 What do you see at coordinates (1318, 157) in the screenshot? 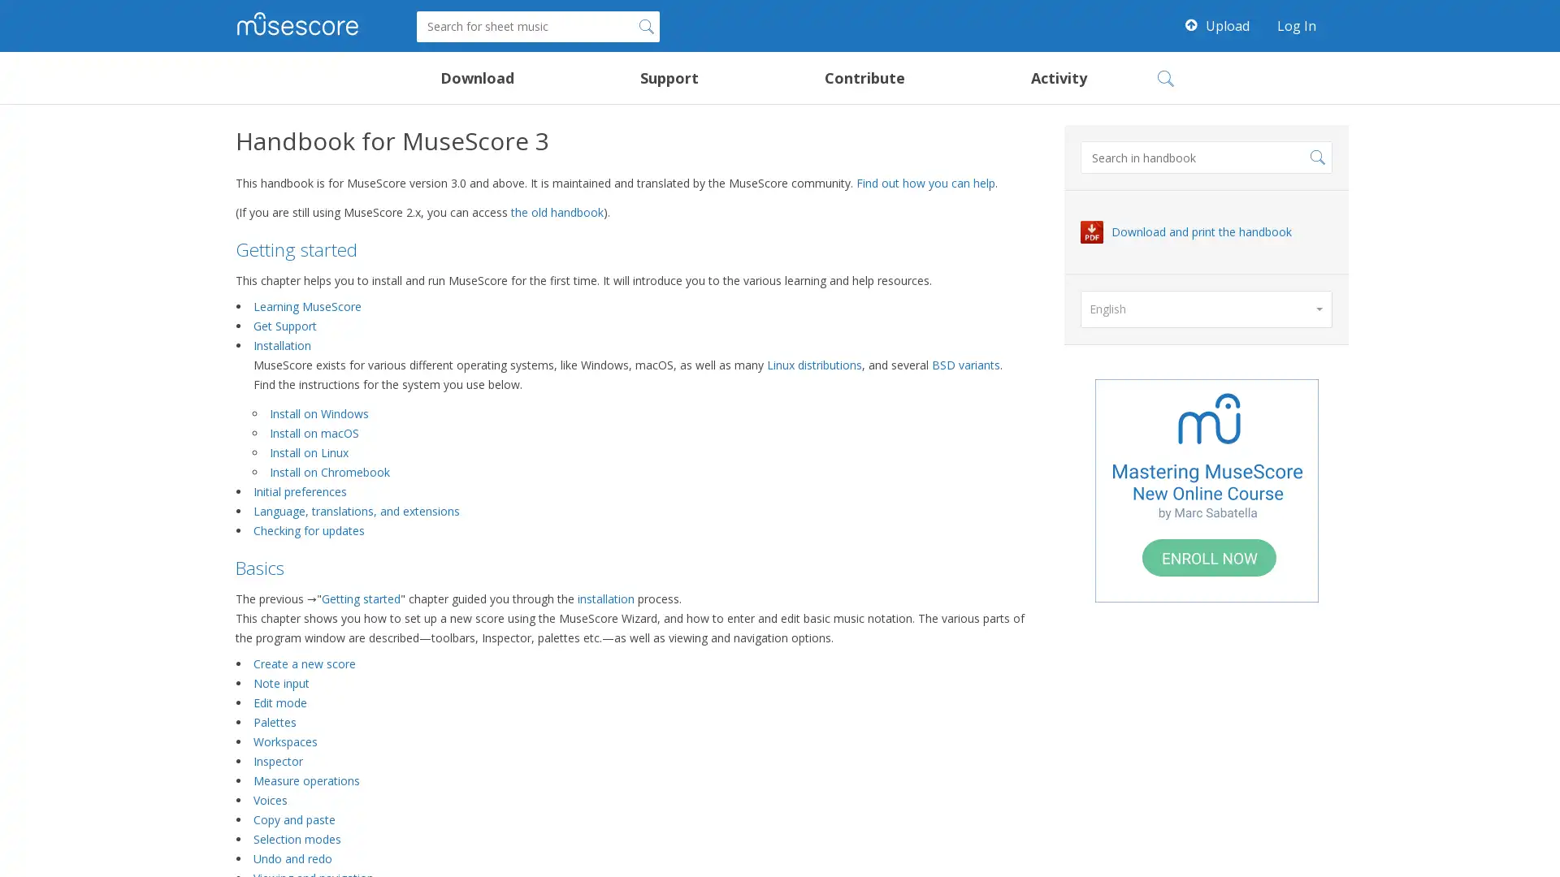
I see `Search` at bounding box center [1318, 157].